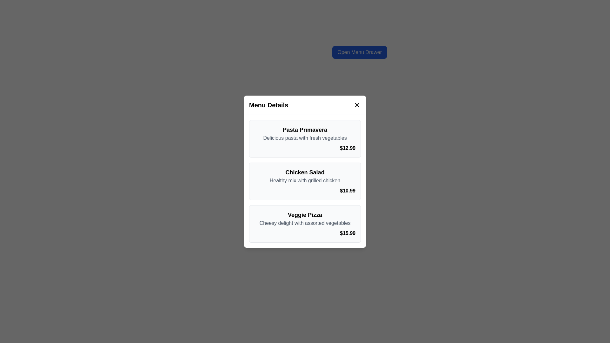  I want to click on the bold 'Veggie Pizza' title header located in the upper section of the bottom-most menu item card, so click(305, 214).